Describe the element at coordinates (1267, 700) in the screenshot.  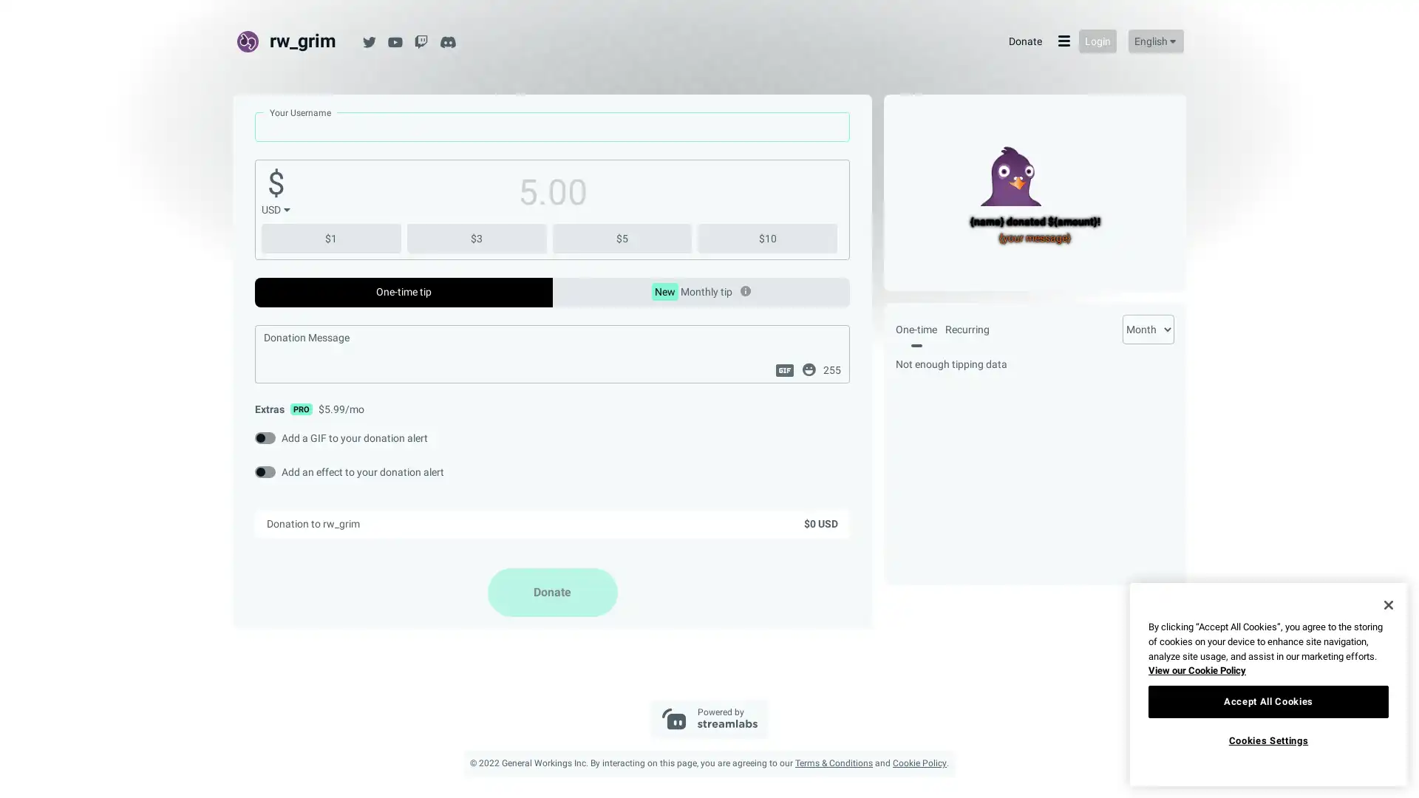
I see `Accept All Cookies` at that location.